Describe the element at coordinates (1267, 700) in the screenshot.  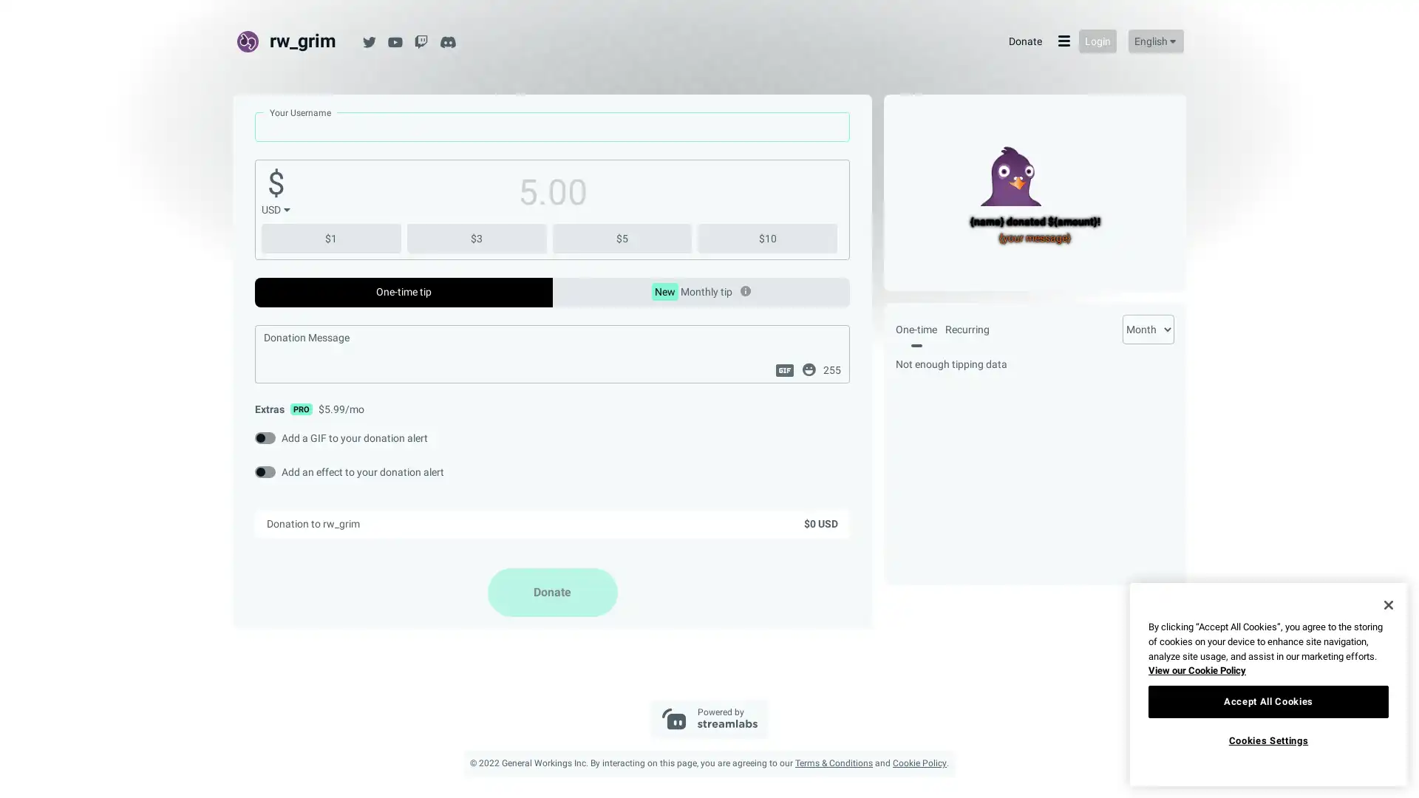
I see `Accept All Cookies` at that location.